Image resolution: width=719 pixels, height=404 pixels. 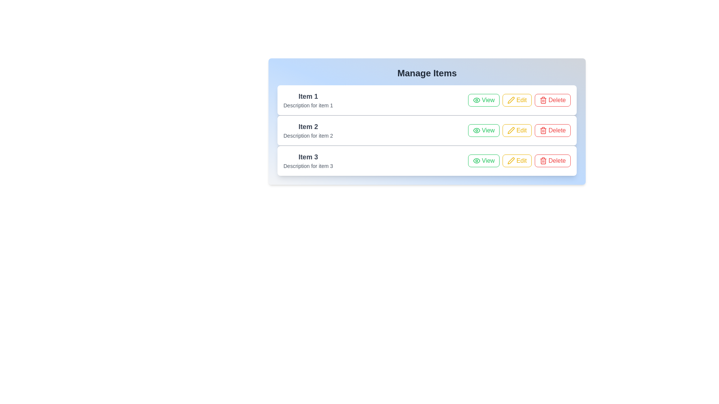 What do you see at coordinates (517, 100) in the screenshot?
I see `the 'Edit' button for the item labeled Item 1` at bounding box center [517, 100].